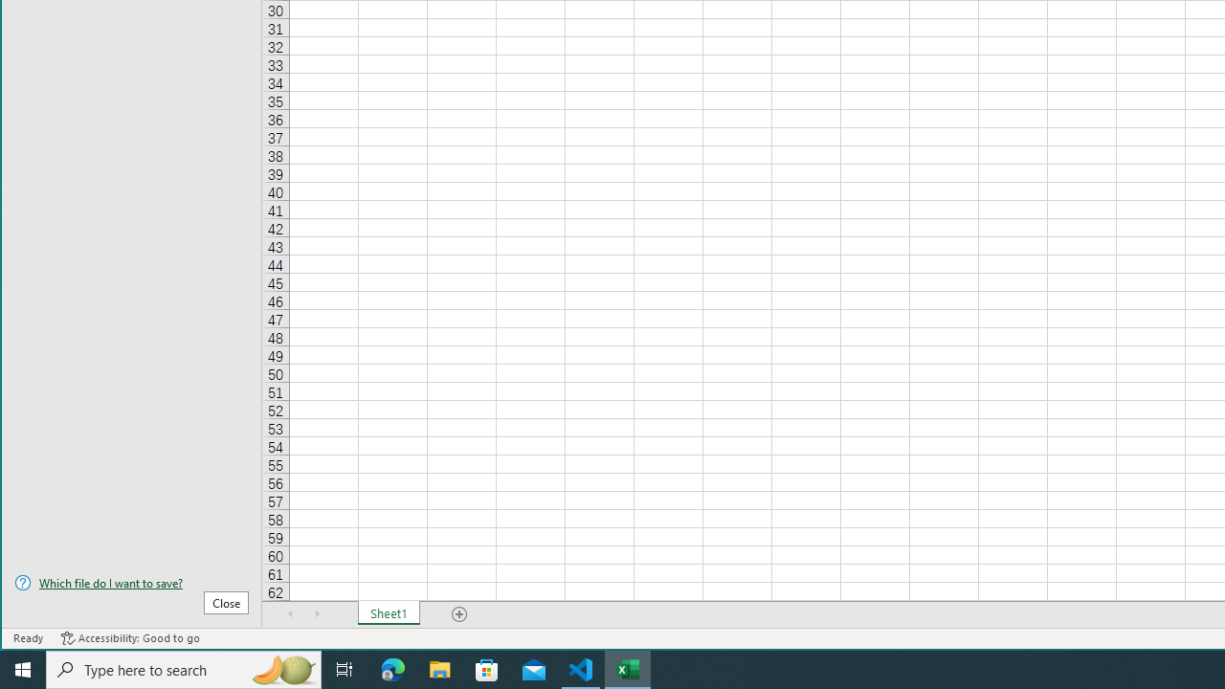  I want to click on 'Excel - 1 running window', so click(628, 668).